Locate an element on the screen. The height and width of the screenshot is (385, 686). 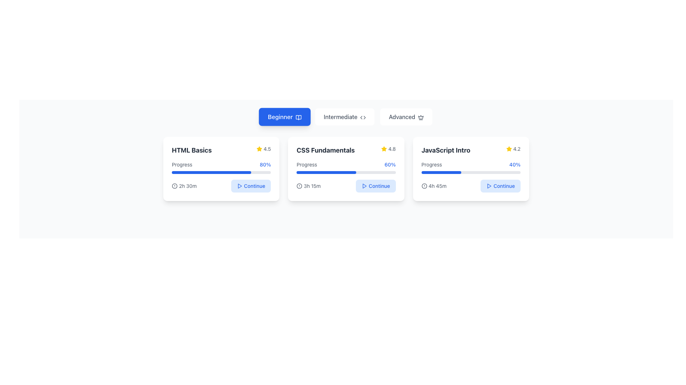
tab navigation is located at coordinates (346, 116).